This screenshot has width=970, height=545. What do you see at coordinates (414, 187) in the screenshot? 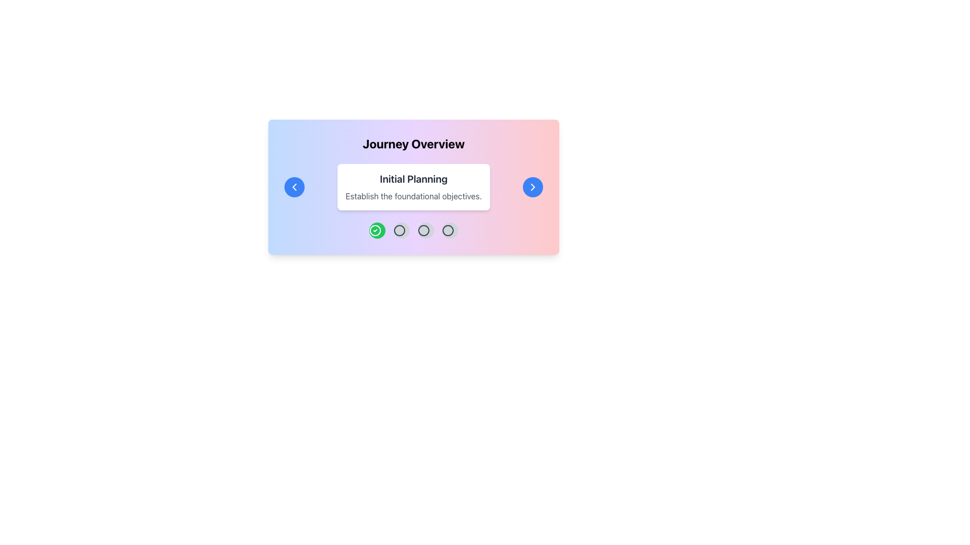
I see `the Text Content Block that describes a specific phase in the 'Journey Overview' card for potential highlighting` at bounding box center [414, 187].